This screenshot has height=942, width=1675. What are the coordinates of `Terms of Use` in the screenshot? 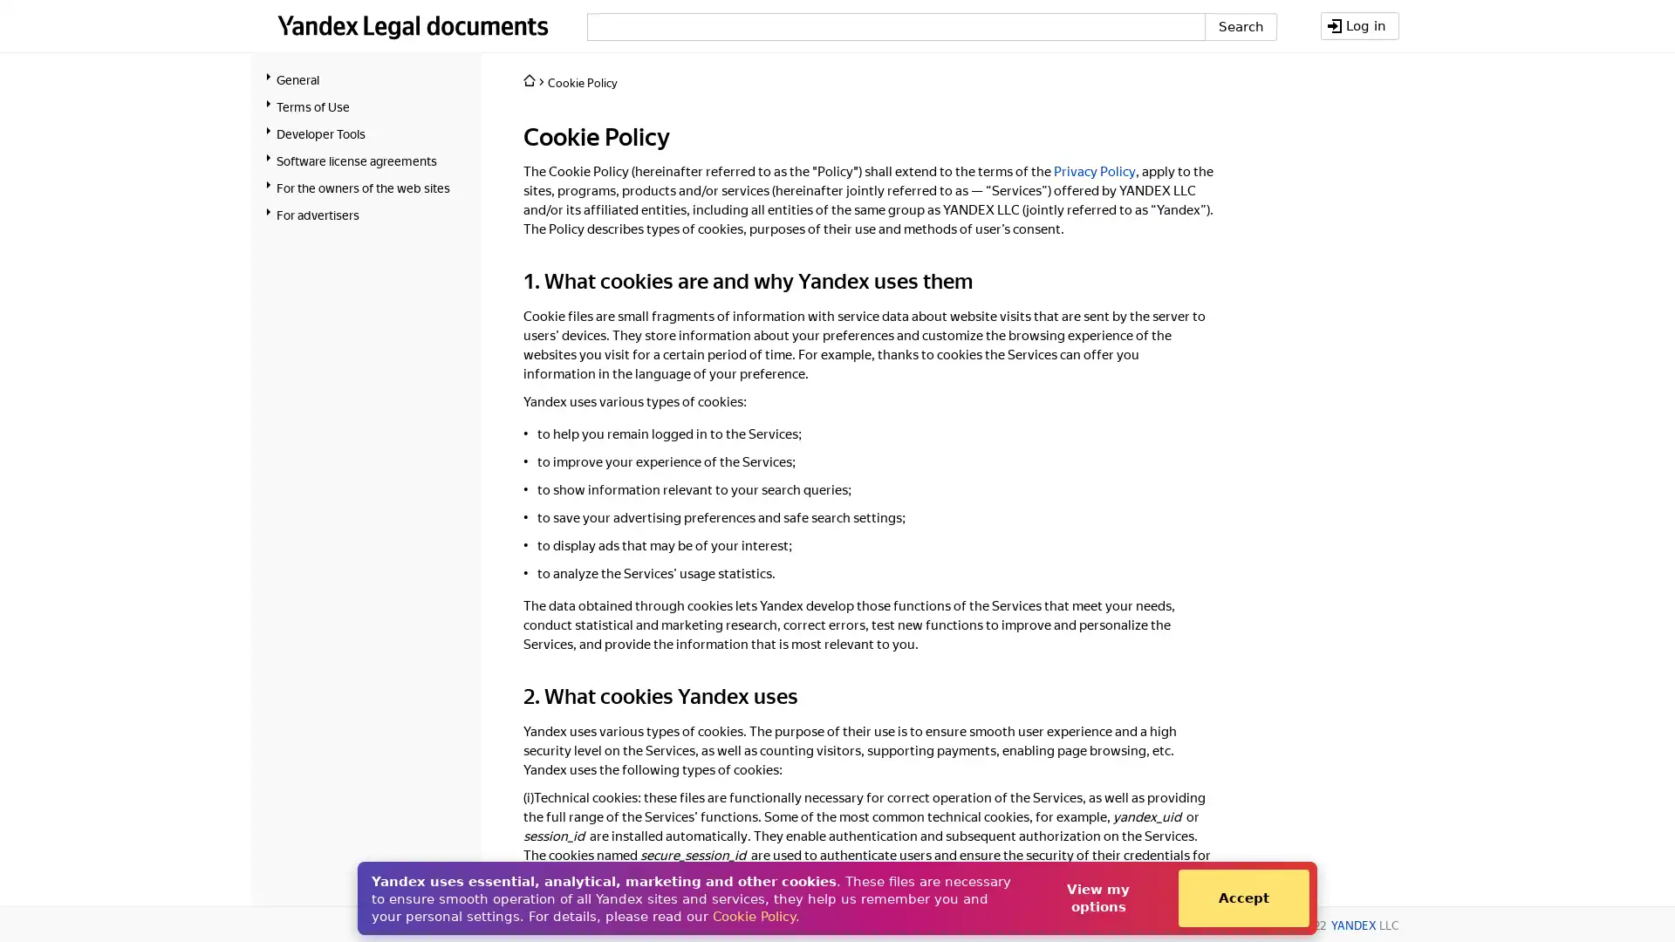 It's located at (366, 106).